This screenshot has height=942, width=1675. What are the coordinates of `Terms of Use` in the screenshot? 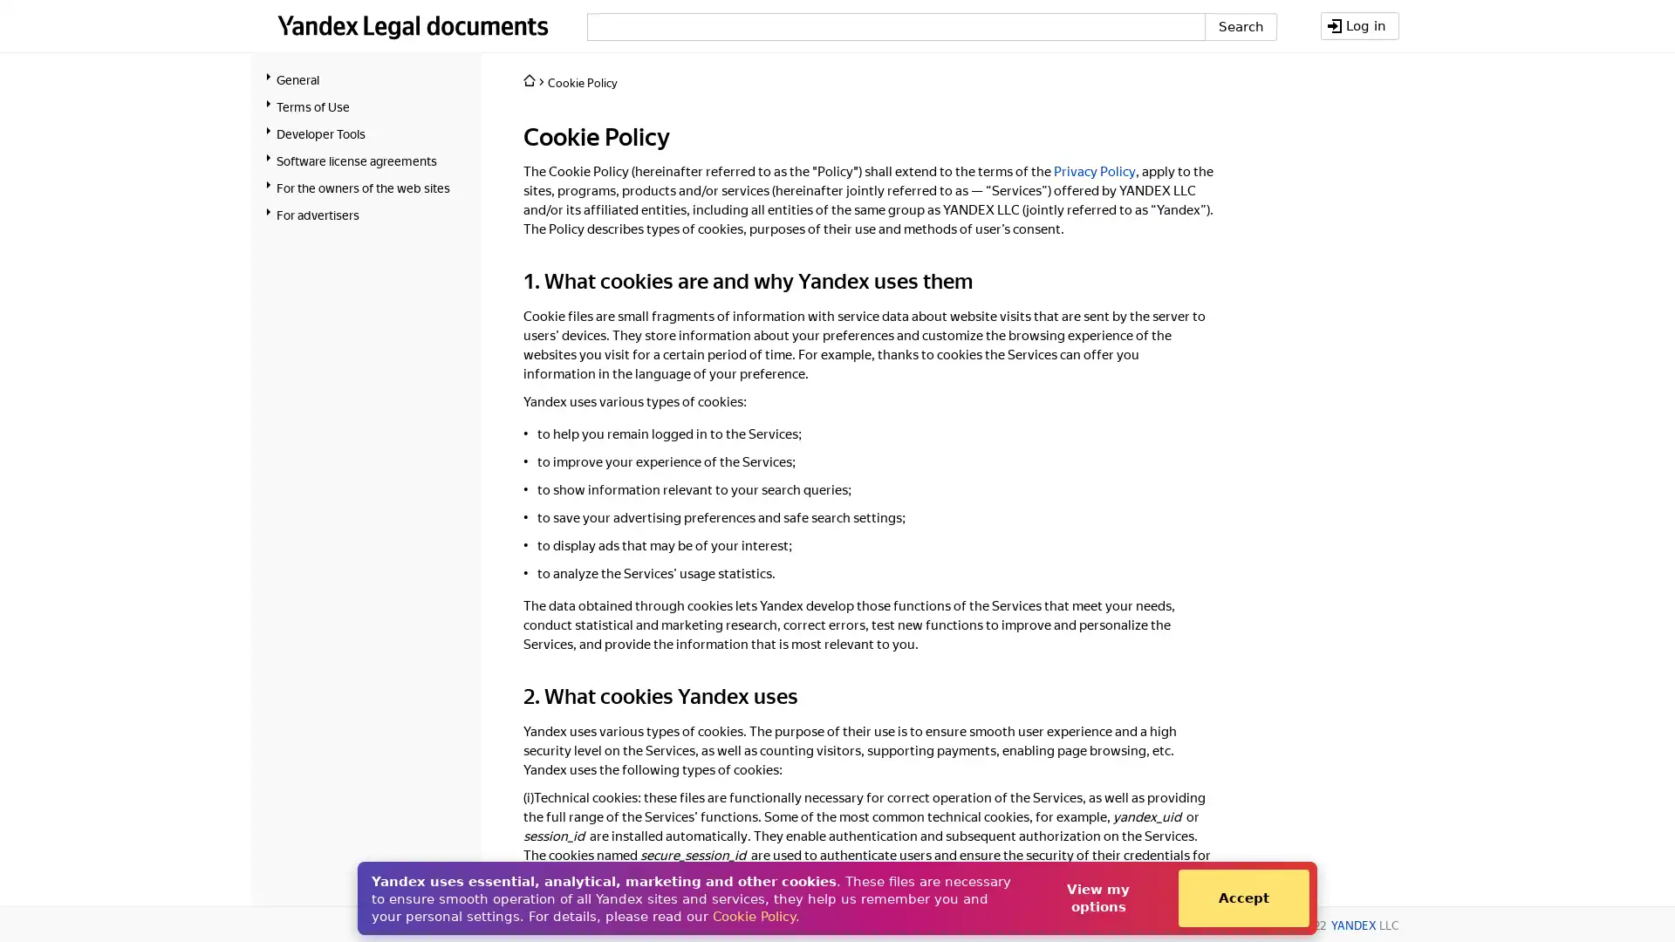 It's located at (366, 106).